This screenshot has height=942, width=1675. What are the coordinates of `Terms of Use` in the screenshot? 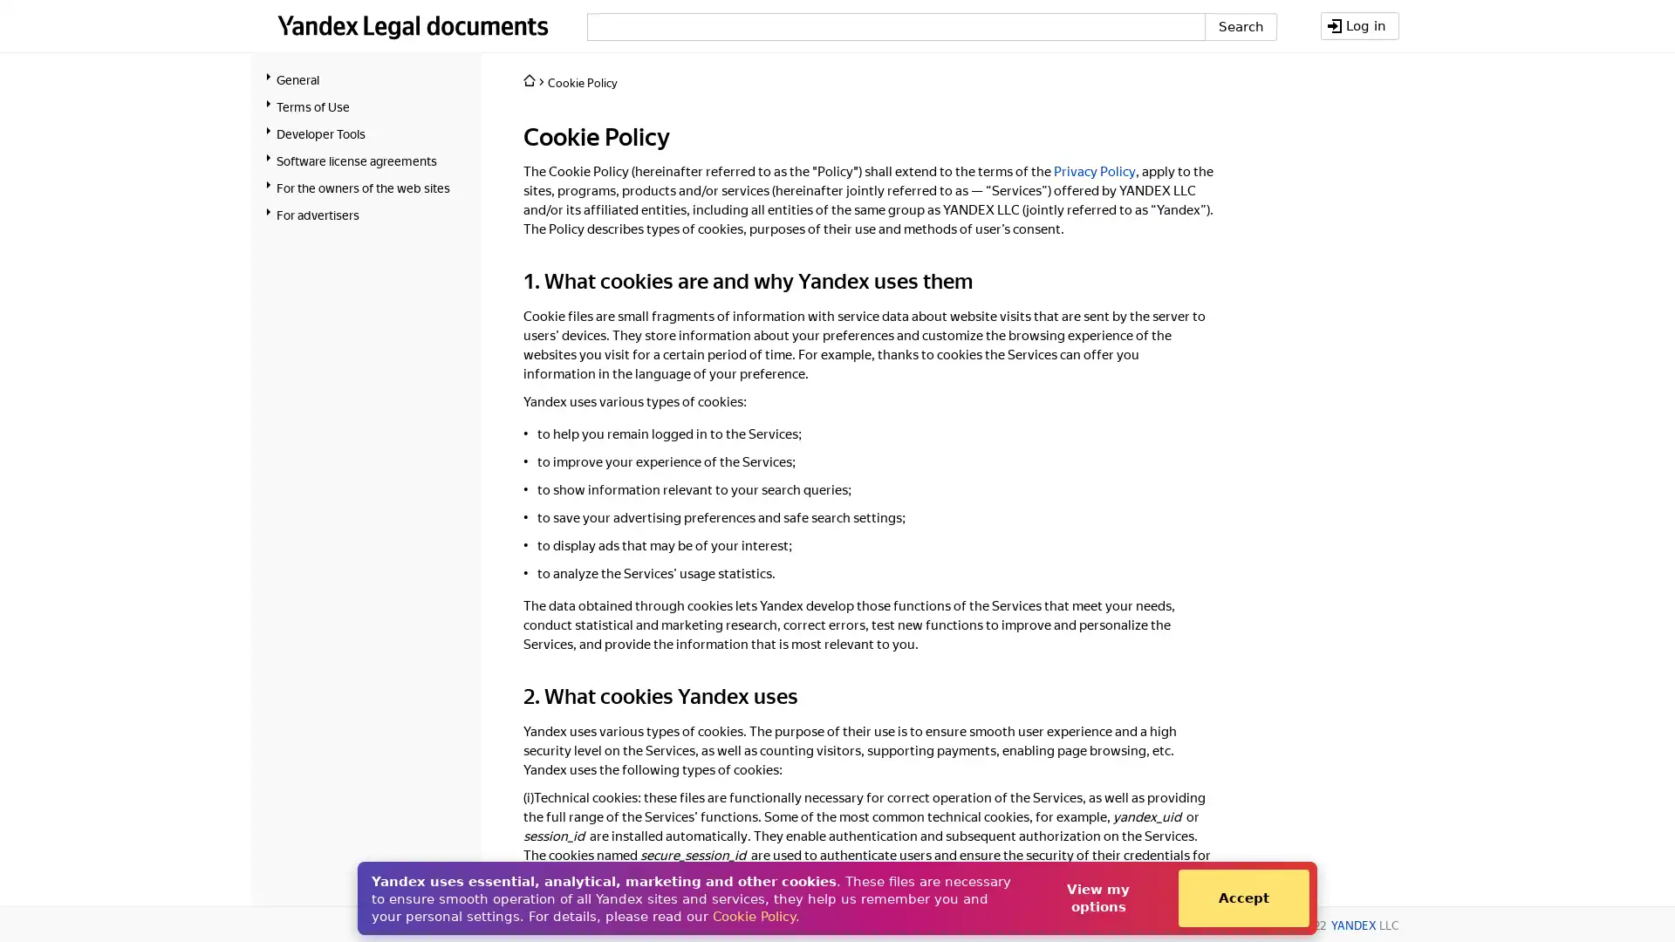 It's located at (366, 106).